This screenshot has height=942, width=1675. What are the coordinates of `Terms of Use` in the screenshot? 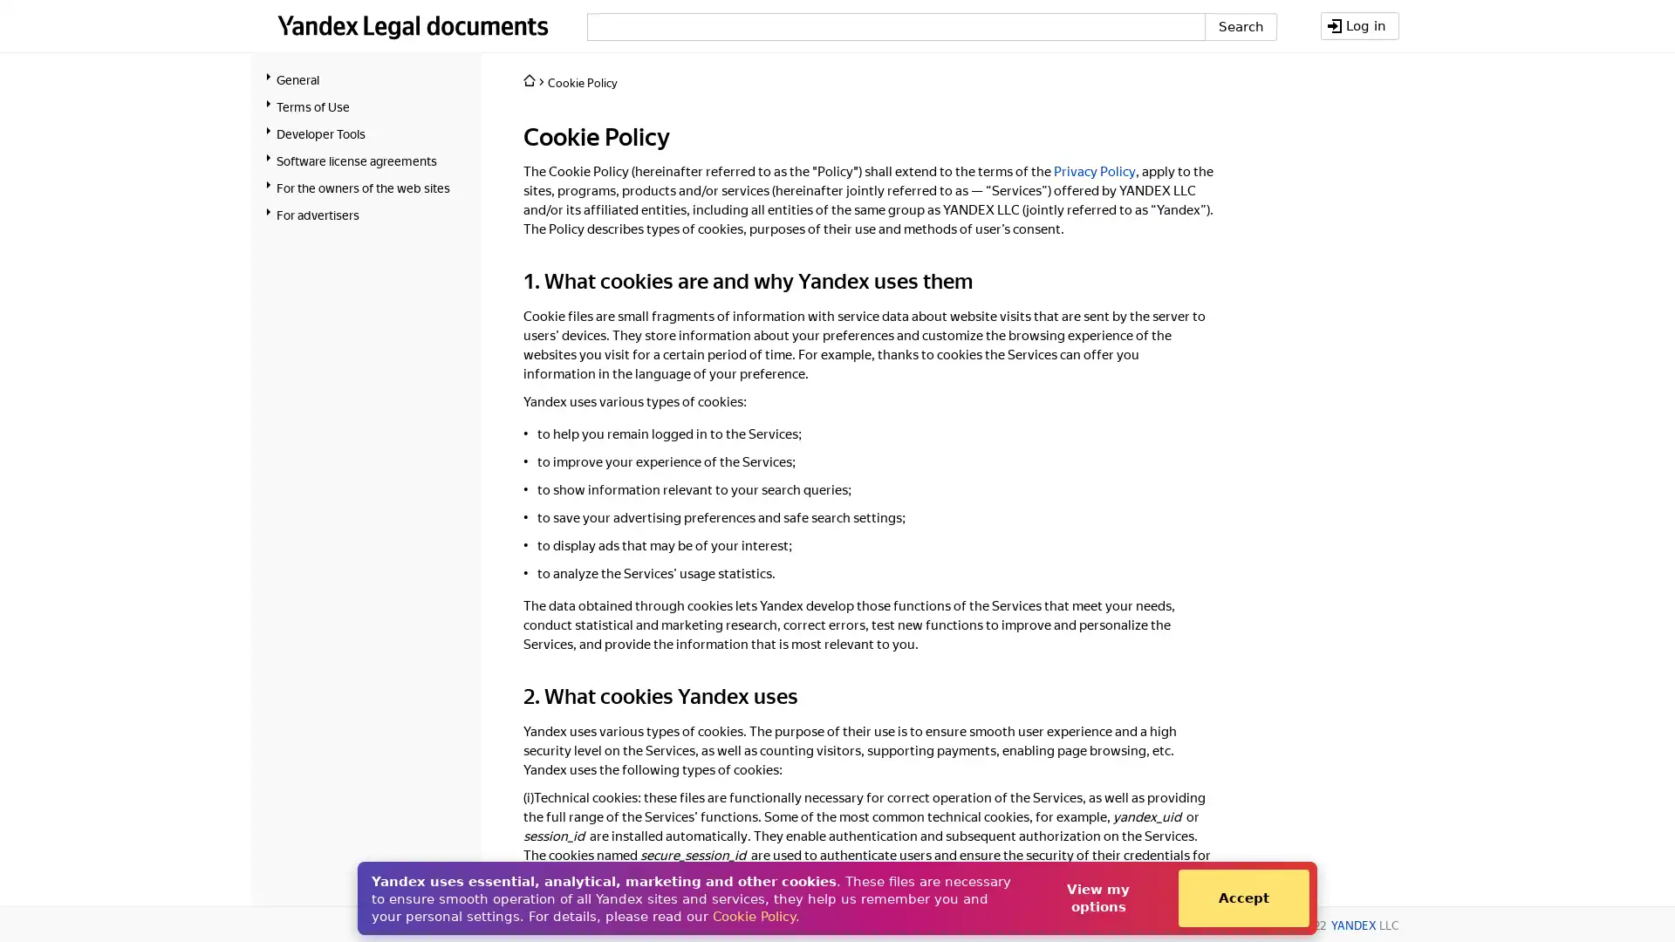 It's located at (366, 106).